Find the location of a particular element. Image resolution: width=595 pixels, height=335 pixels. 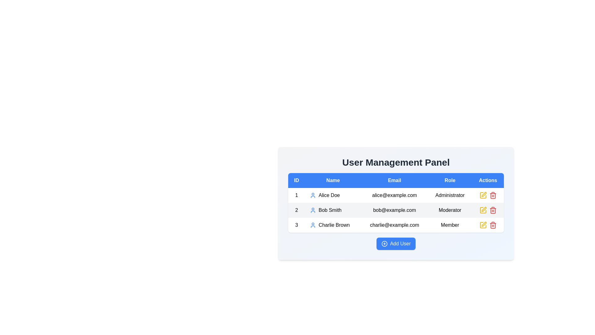

the table header row element that spans horizontally across the top of the user management panel, which provides descriptive labels for the columns of user data is located at coordinates (395, 181).